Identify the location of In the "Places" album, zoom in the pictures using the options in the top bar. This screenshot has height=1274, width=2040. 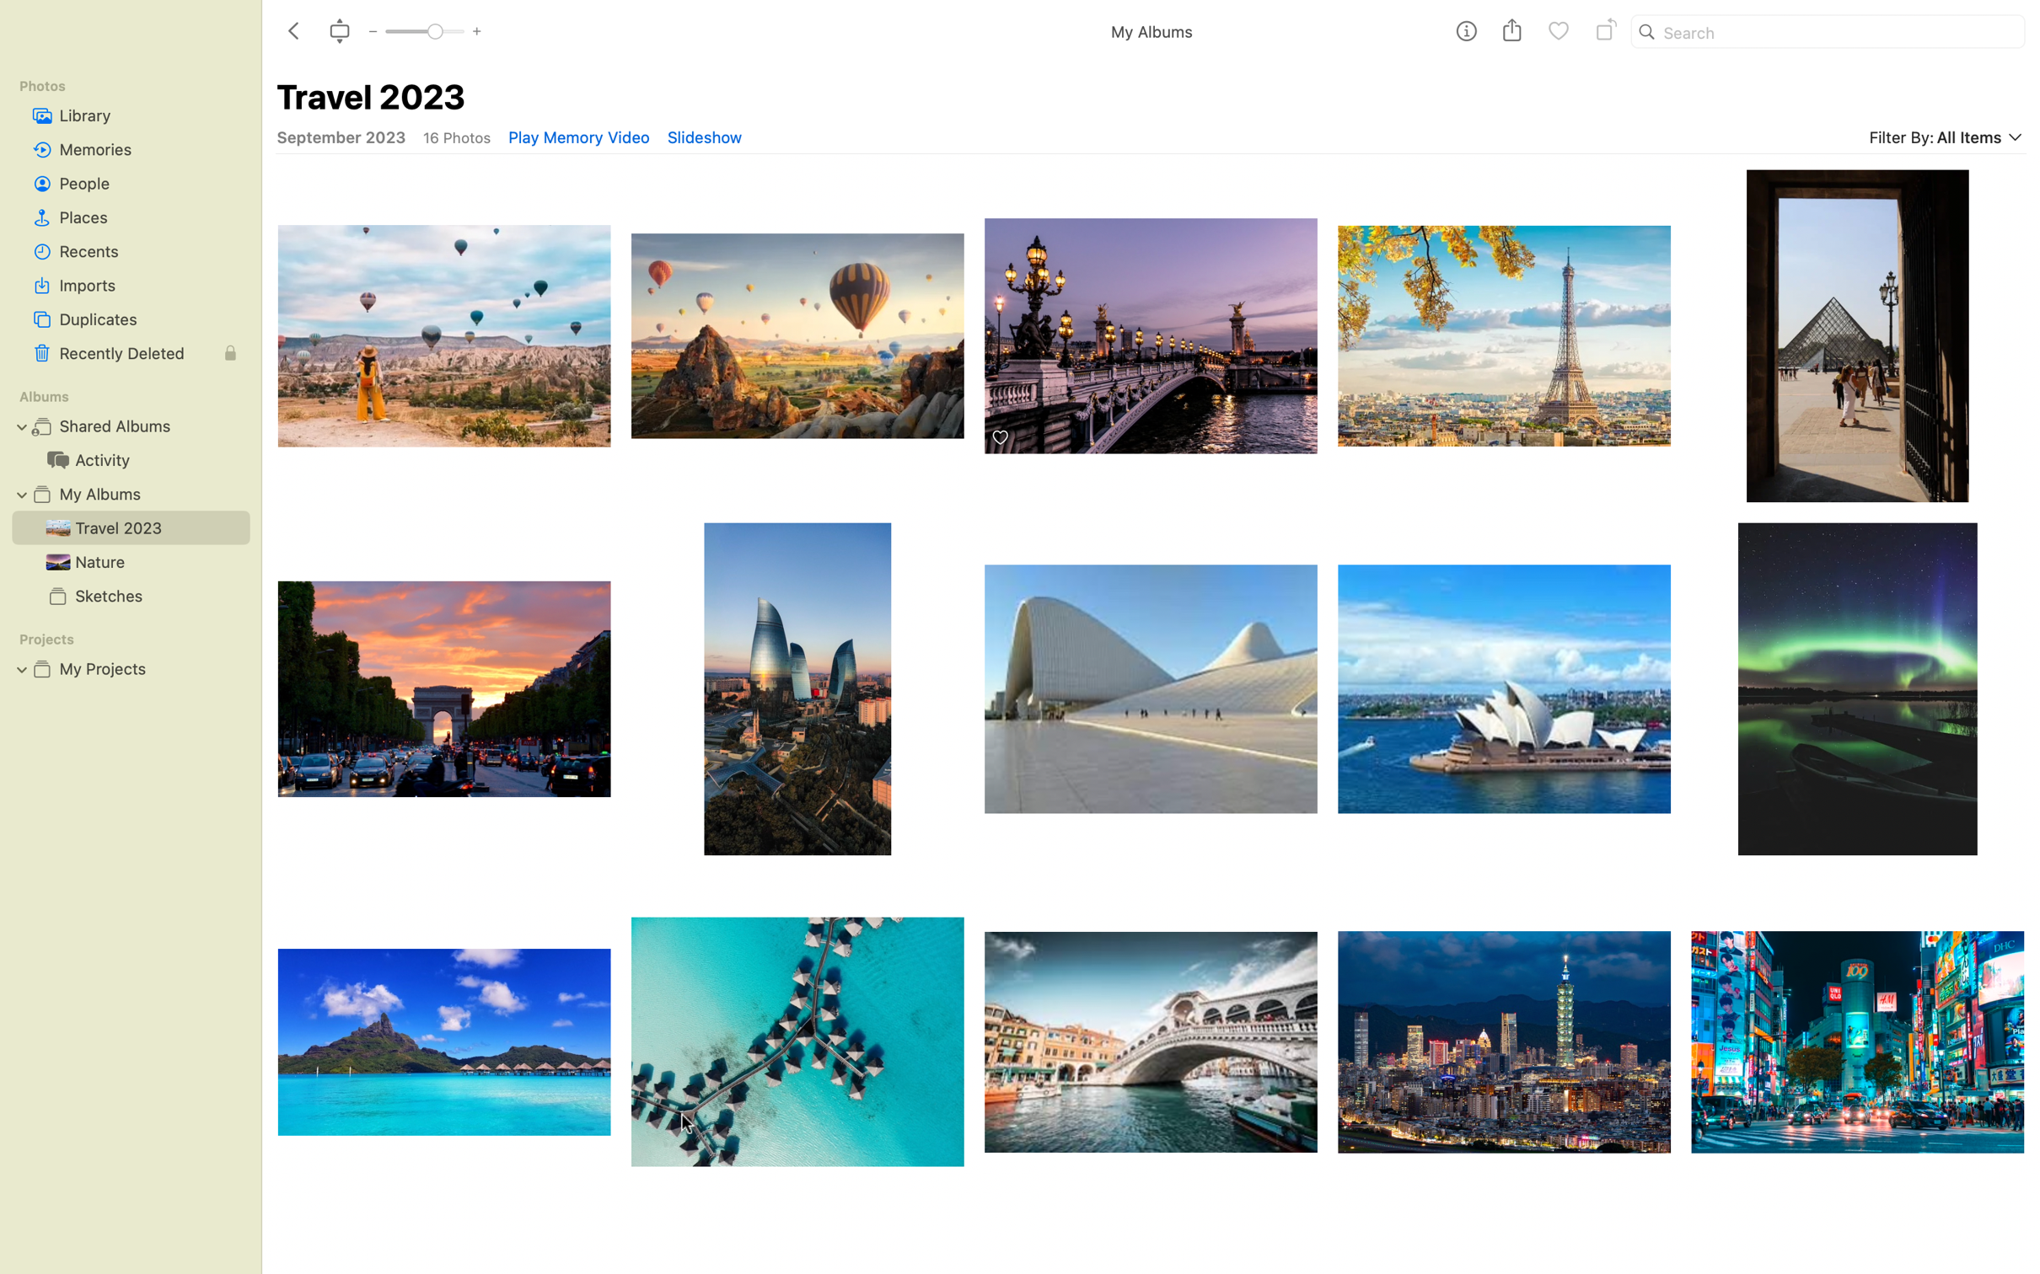
(130, 217).